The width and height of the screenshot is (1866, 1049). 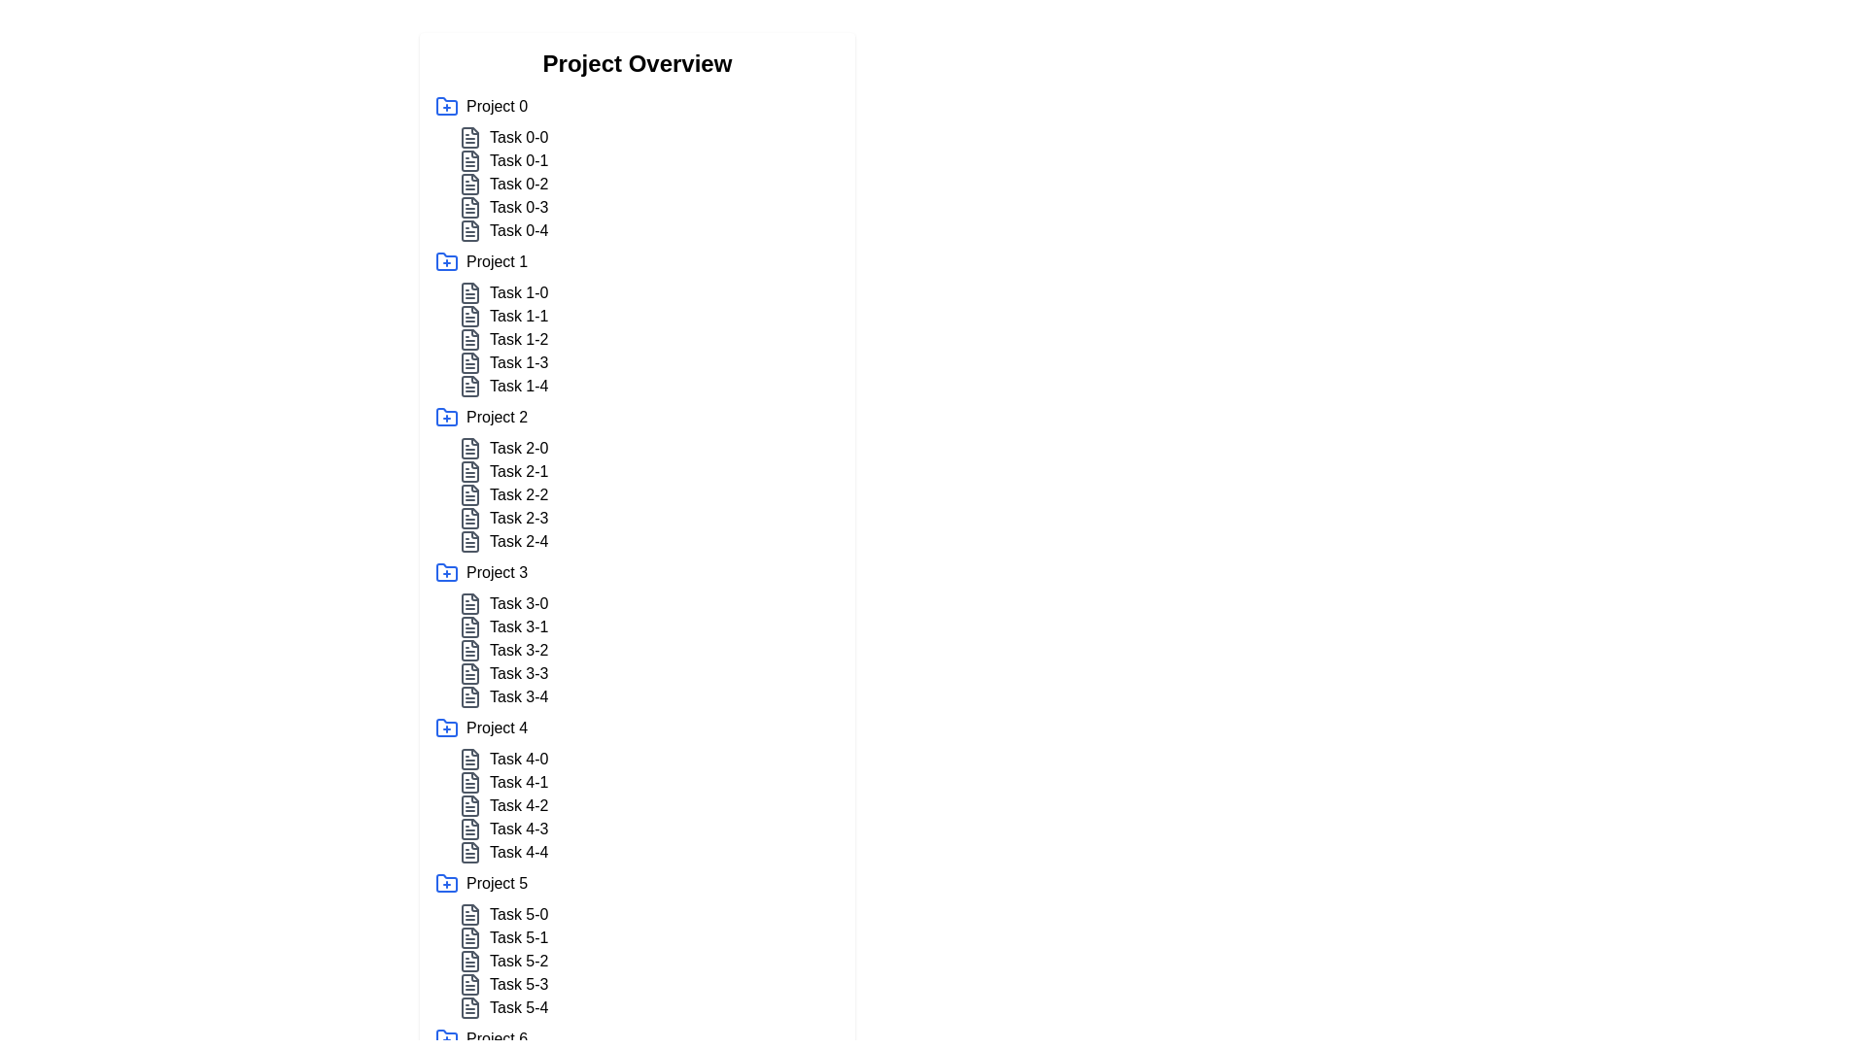 What do you see at coordinates (519, 673) in the screenshot?
I see `the text label indicating 'Task 3-3' in the project management list, located between 'Task 3-2' and 'Task 3-4' in the 'Project 3' section` at bounding box center [519, 673].